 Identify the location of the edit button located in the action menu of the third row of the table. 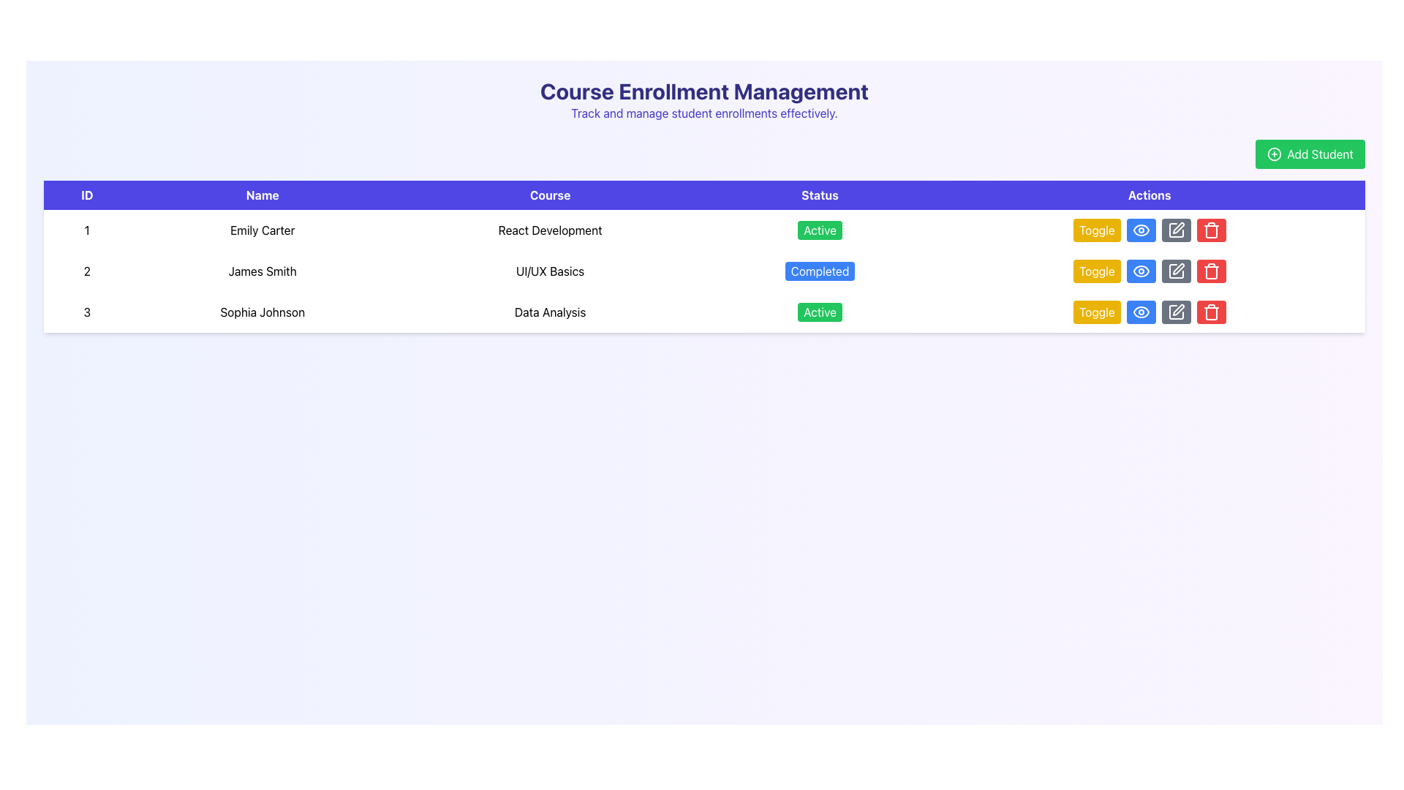
(1176, 312).